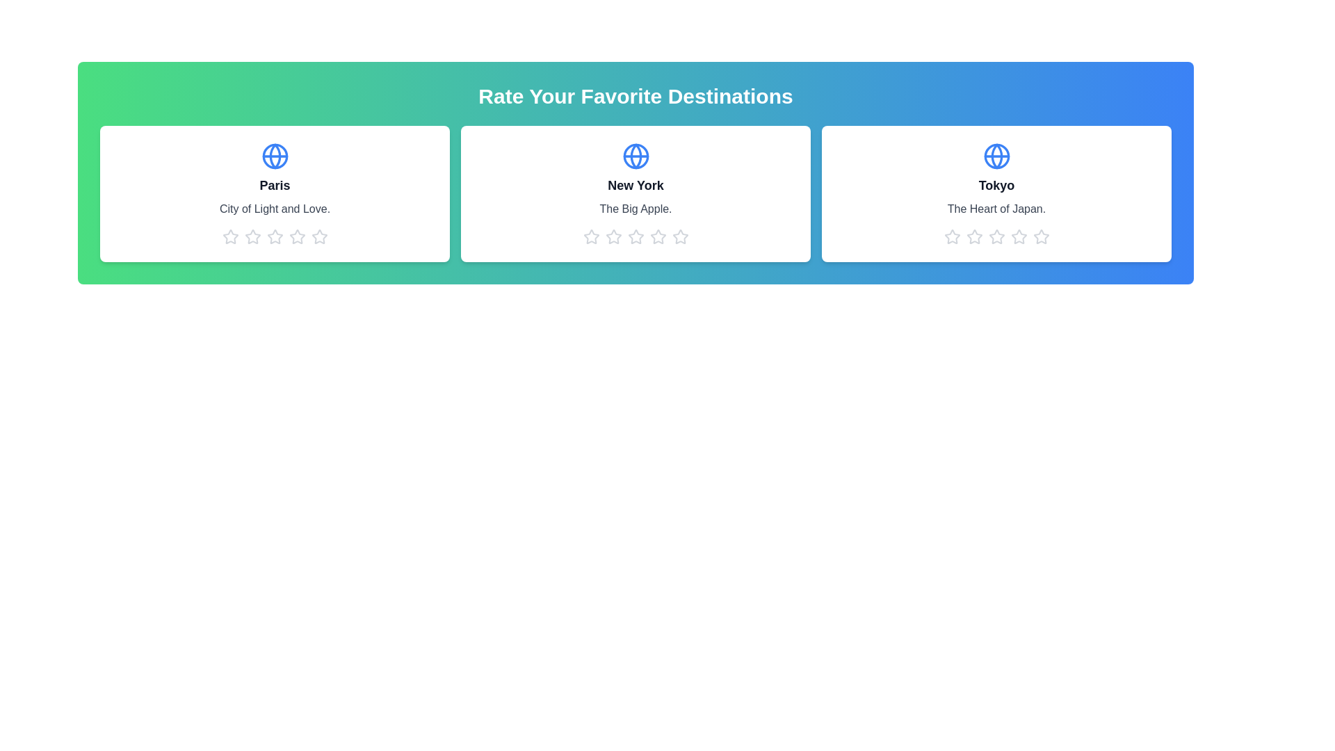 This screenshot has height=751, width=1335. Describe the element at coordinates (230, 236) in the screenshot. I see `the 1 star icon for the destination Paris` at that location.